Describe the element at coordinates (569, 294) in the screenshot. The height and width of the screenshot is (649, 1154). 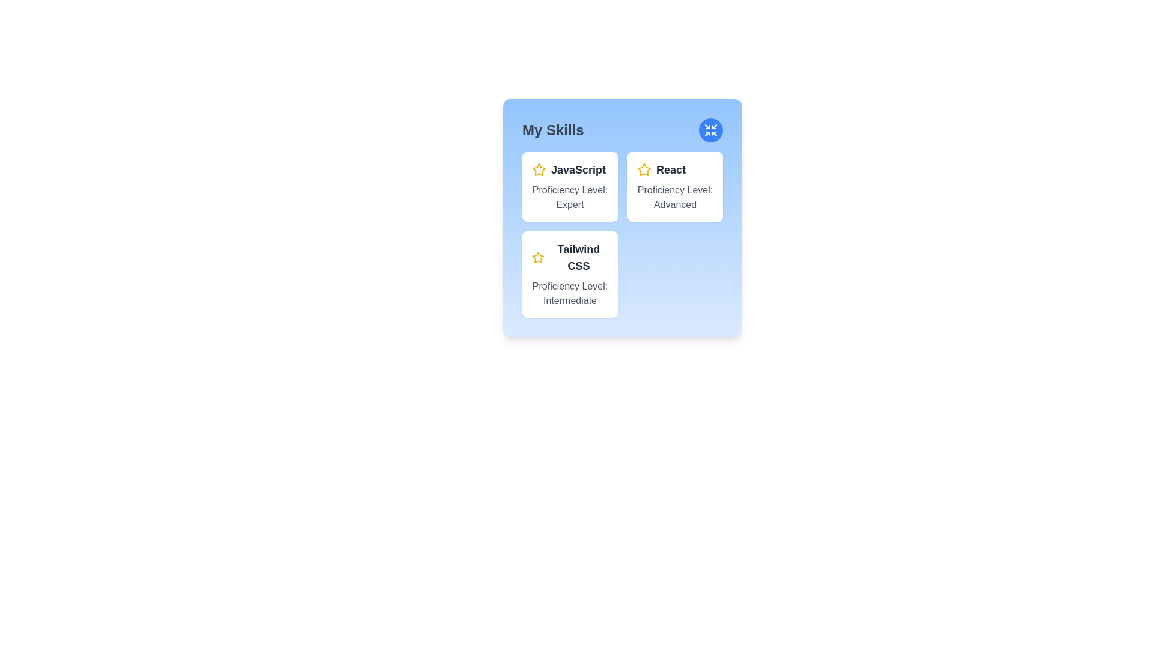
I see `the text label that displays 'Proficiency Level: Intermediate' located within the 'Tailwind CSS' card, positioned below the card's heading and star icon in the 'My Skills' section` at that location.